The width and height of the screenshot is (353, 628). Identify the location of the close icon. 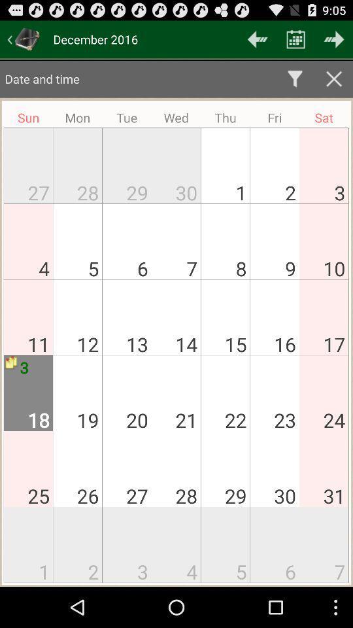
(334, 84).